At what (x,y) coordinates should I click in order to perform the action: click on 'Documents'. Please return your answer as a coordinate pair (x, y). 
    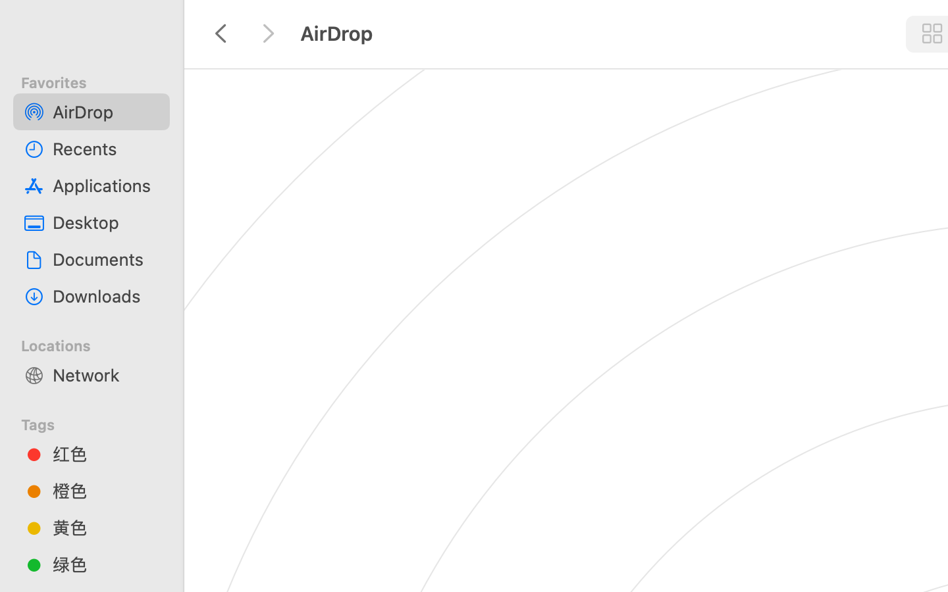
    Looking at the image, I should click on (105, 259).